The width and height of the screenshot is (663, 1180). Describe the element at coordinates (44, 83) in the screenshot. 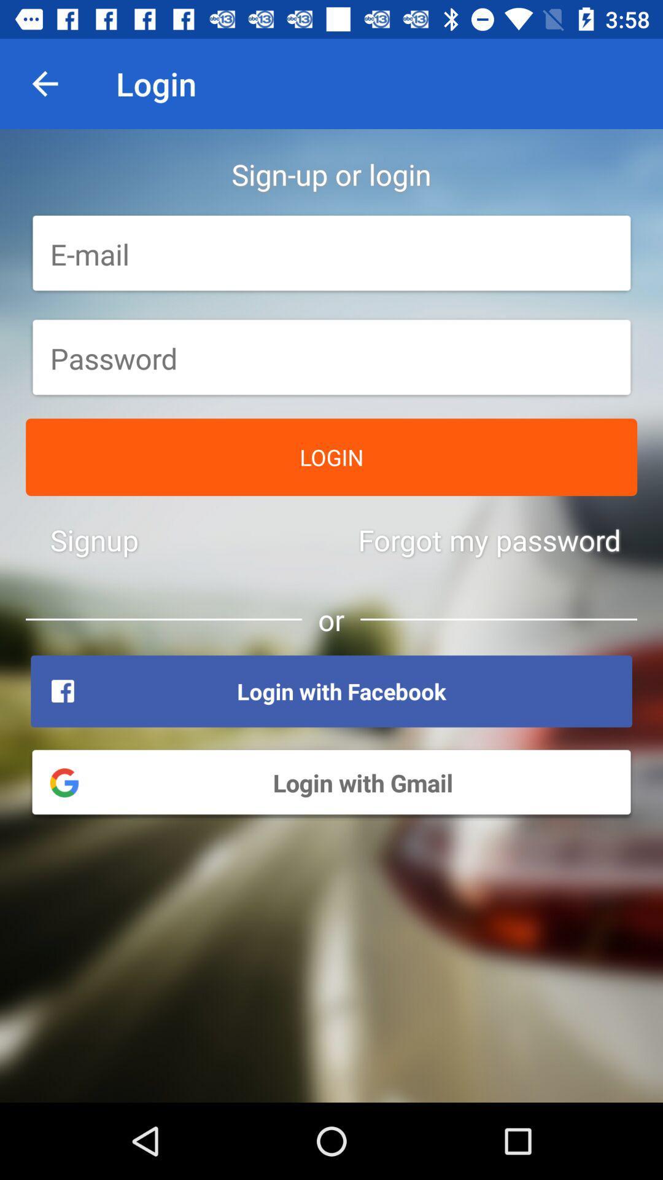

I see `icon to the left of login item` at that location.